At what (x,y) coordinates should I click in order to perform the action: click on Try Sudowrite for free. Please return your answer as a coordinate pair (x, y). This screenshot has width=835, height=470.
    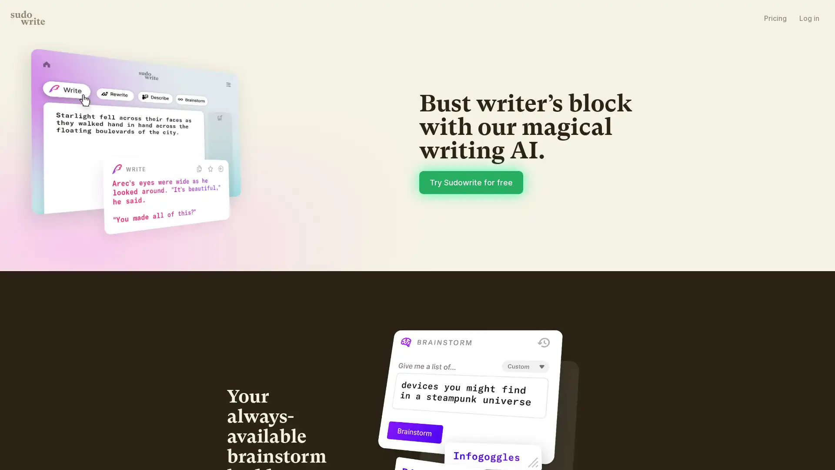
    Looking at the image, I should click on (543, 238).